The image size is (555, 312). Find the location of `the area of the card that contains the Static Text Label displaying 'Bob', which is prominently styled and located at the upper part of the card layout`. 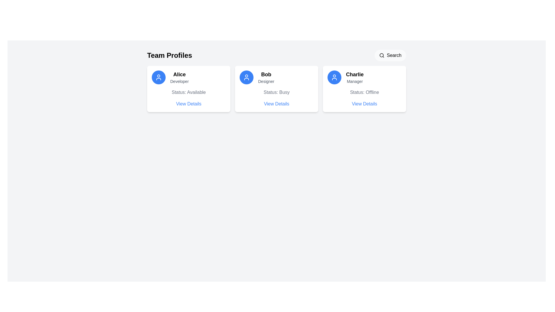

the area of the card that contains the Static Text Label displaying 'Bob', which is prominently styled and located at the upper part of the card layout is located at coordinates (266, 74).